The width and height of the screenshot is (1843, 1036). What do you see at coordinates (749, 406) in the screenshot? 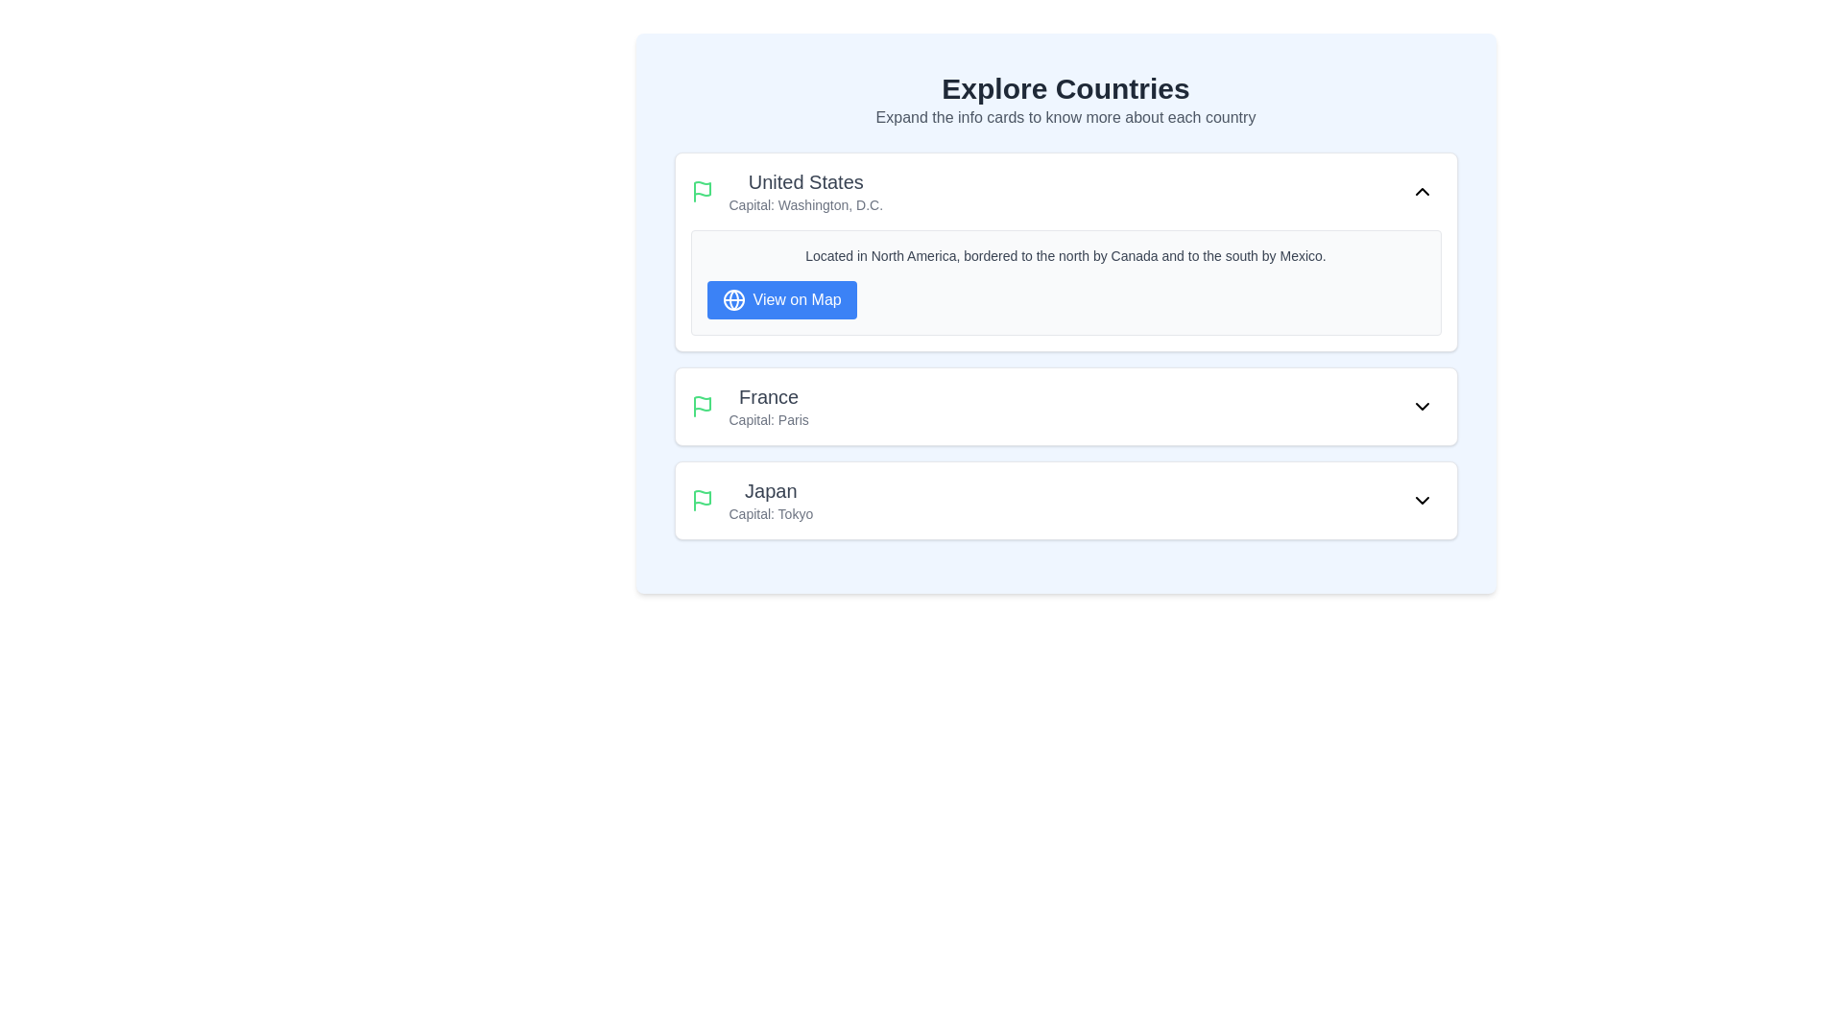
I see `the list item displaying 'France' with a green flag icon, which shows 'Capital: Paris' below it` at bounding box center [749, 406].